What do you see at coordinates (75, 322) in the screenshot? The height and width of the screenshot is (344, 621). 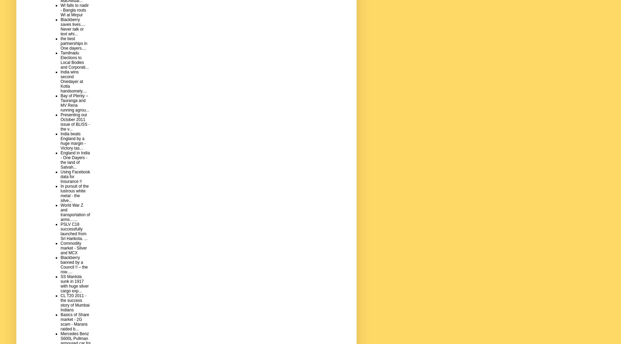 I see `'Basics of Share market - 2G scam - Marans raided b...'` at bounding box center [75, 322].